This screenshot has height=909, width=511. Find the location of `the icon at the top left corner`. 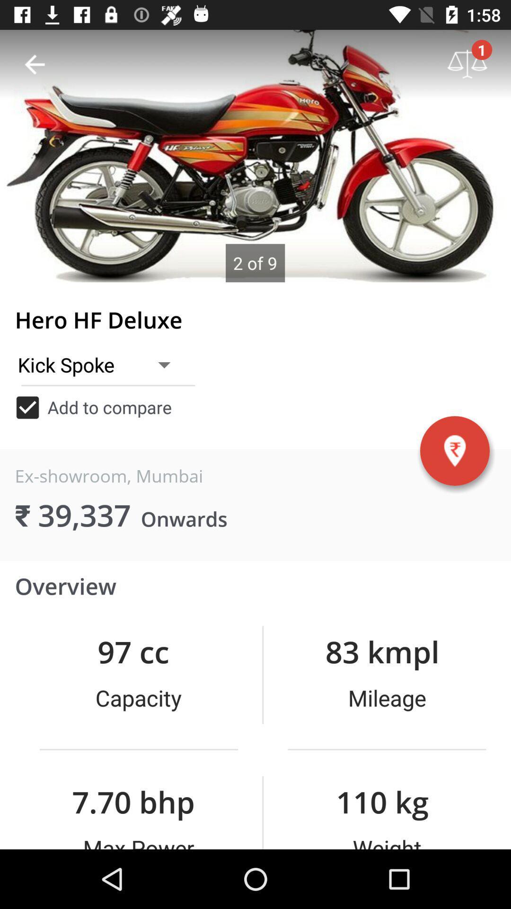

the icon at the top left corner is located at coordinates (34, 64).